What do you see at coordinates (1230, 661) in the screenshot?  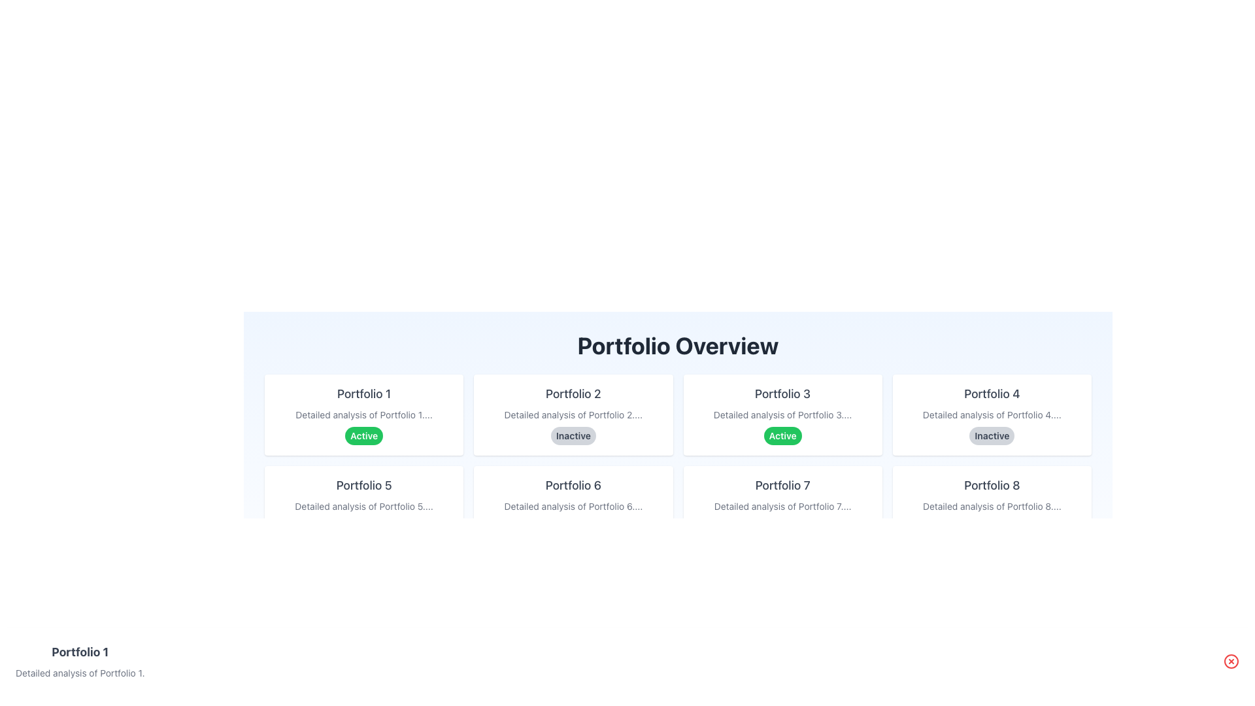 I see `the circular close or cancel icon located in the bottom-right corner of the SVG element` at bounding box center [1230, 661].